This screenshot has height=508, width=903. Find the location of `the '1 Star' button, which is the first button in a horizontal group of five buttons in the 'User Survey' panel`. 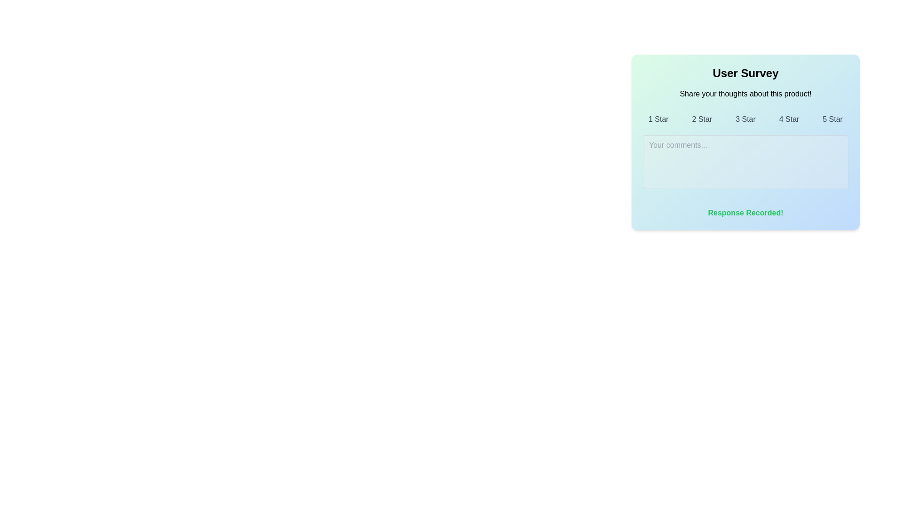

the '1 Star' button, which is the first button in a horizontal group of five buttons in the 'User Survey' panel is located at coordinates (658, 119).